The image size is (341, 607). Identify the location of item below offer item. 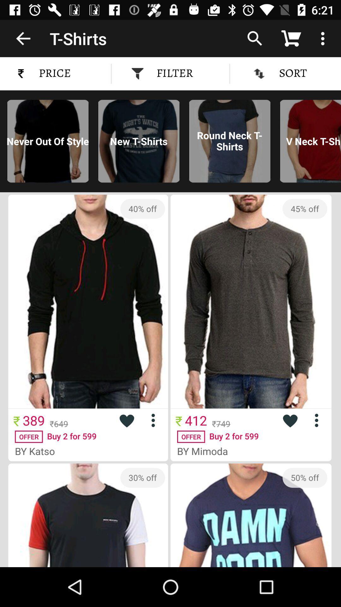
(205, 451).